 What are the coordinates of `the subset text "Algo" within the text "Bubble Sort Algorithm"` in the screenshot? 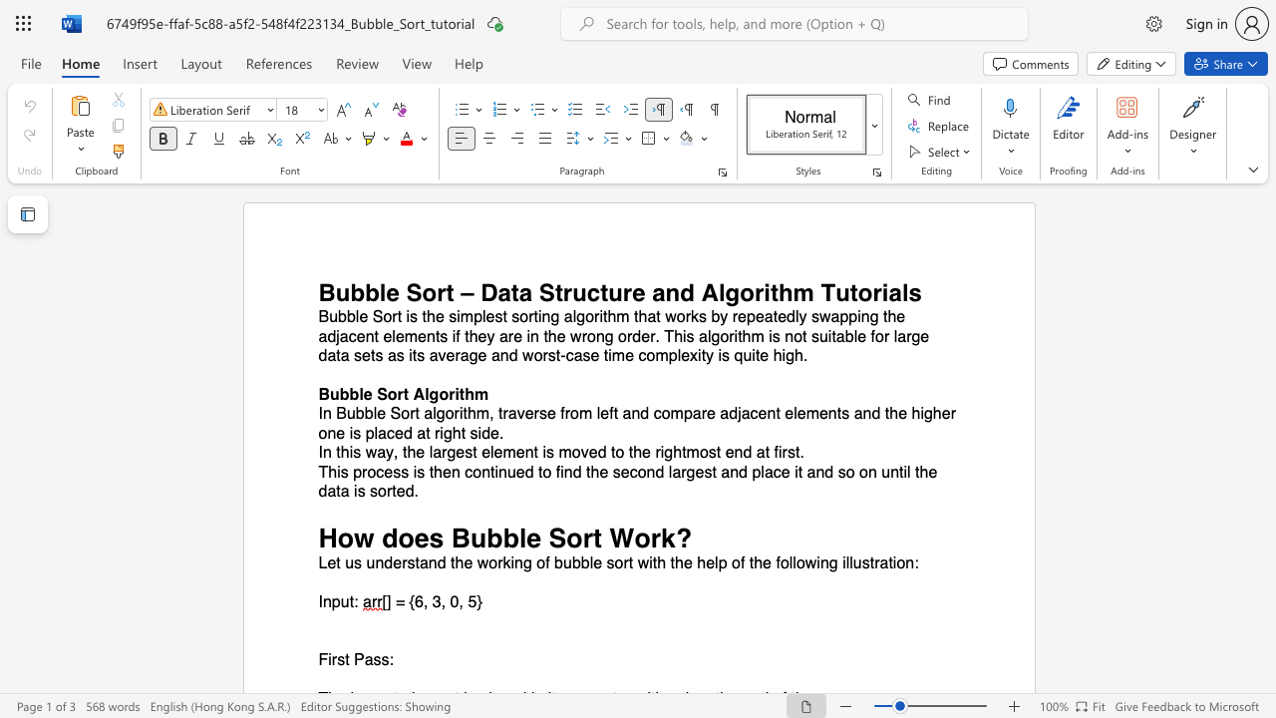 It's located at (412, 394).